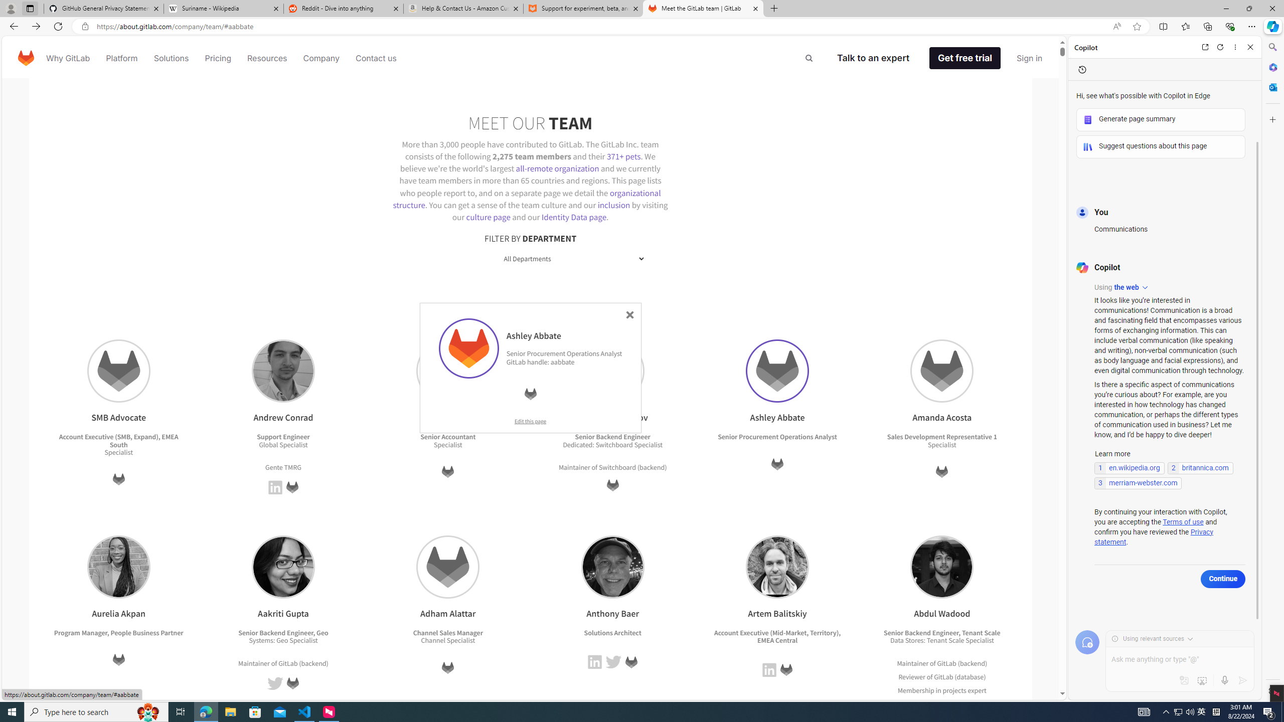 This screenshot has height=722, width=1284. Describe the element at coordinates (932, 689) in the screenshot. I see `'Membership in projects'` at that location.